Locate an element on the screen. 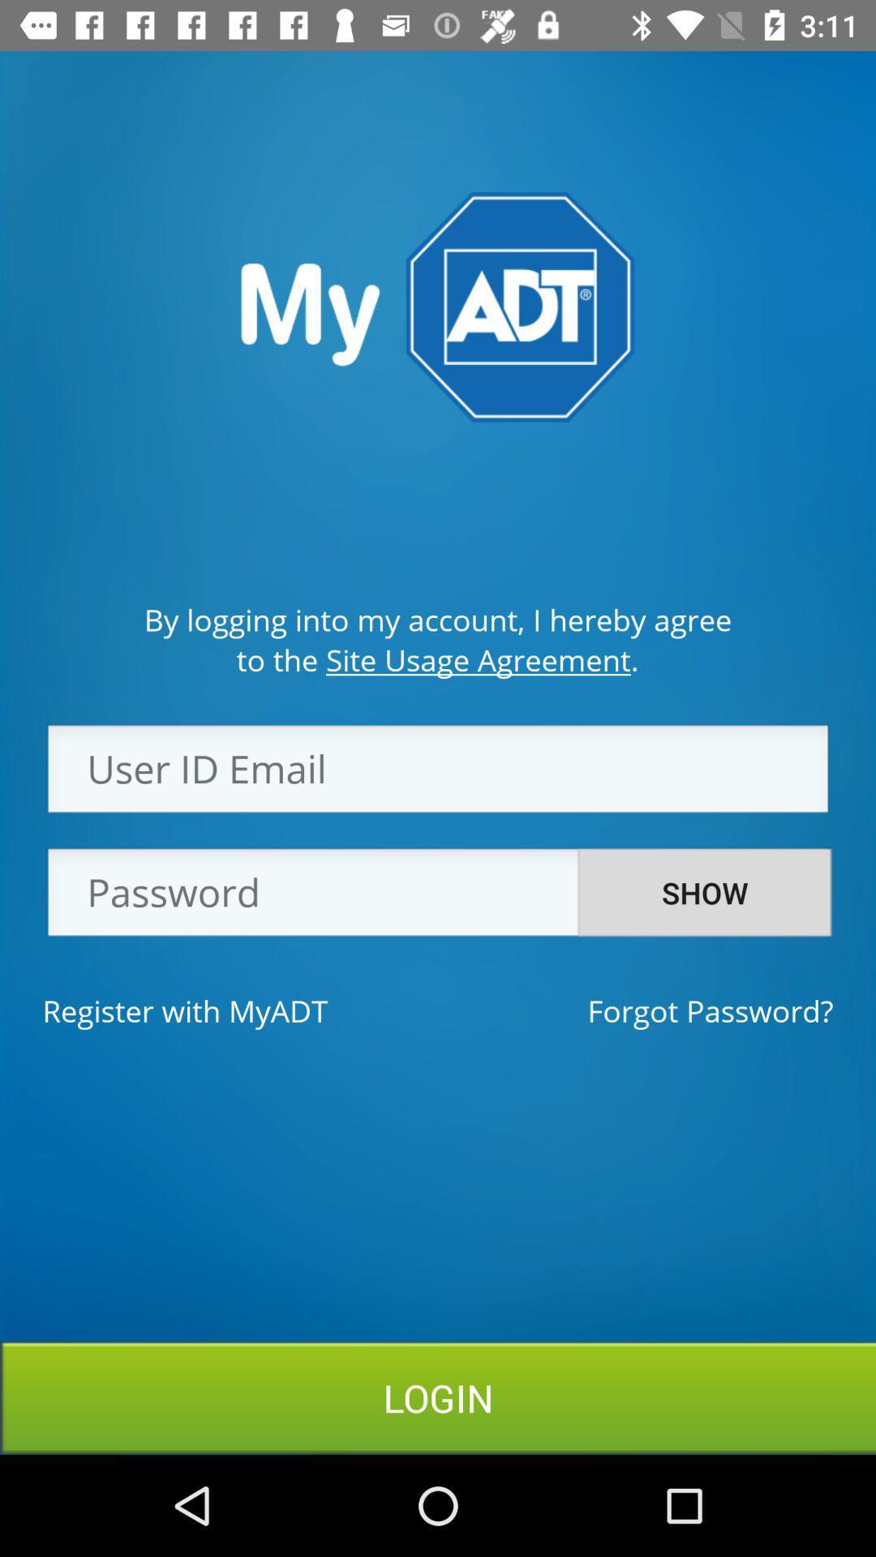 The width and height of the screenshot is (876, 1557). the to the site icon is located at coordinates (436, 659).